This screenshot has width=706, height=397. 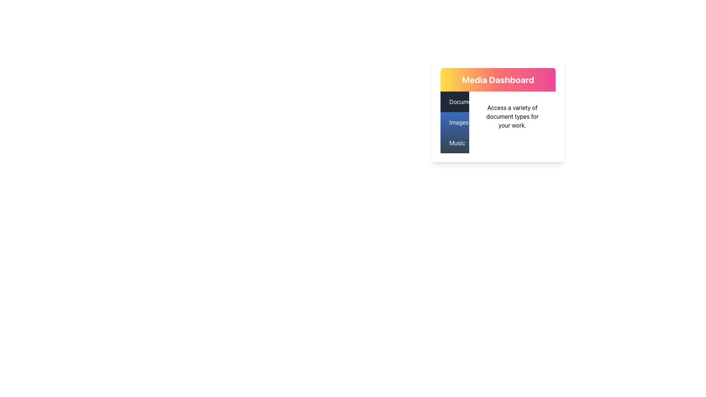 What do you see at coordinates (512, 116) in the screenshot?
I see `the descriptive text label located within the 'Media Dashboard', positioned to the right of the vertical menu containing 'Documents', 'Images', and 'Music'` at bounding box center [512, 116].